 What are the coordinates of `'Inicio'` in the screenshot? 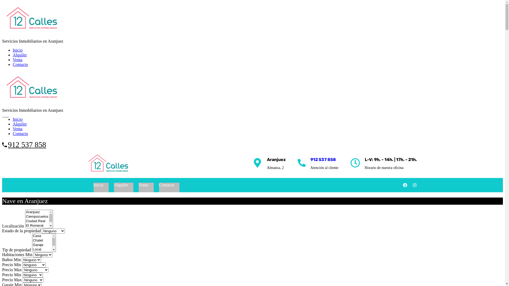 It's located at (13, 50).